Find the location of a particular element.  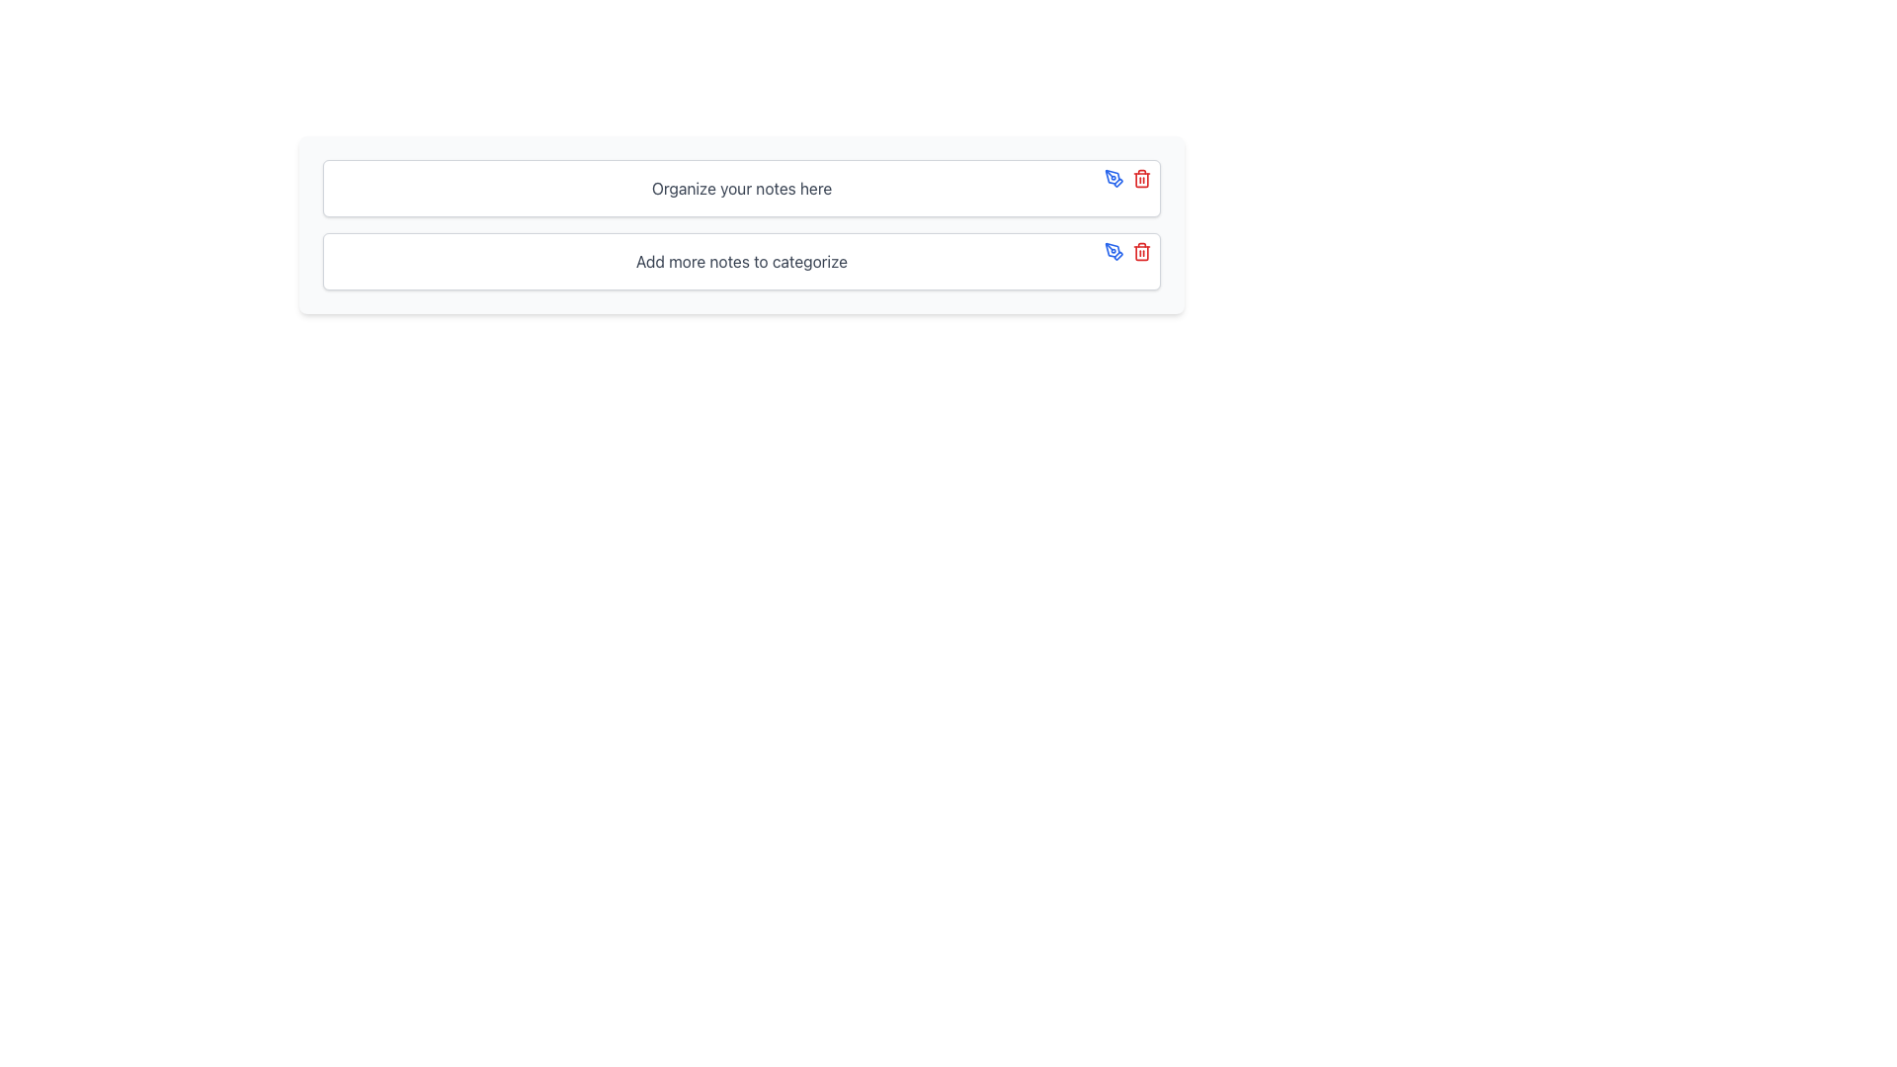

the blue pen tool icon located at the top-right corner inside the white box labeled 'Add more notes to categorize', which is the second box in a vertical list, to initiate editing is located at coordinates (1128, 250).